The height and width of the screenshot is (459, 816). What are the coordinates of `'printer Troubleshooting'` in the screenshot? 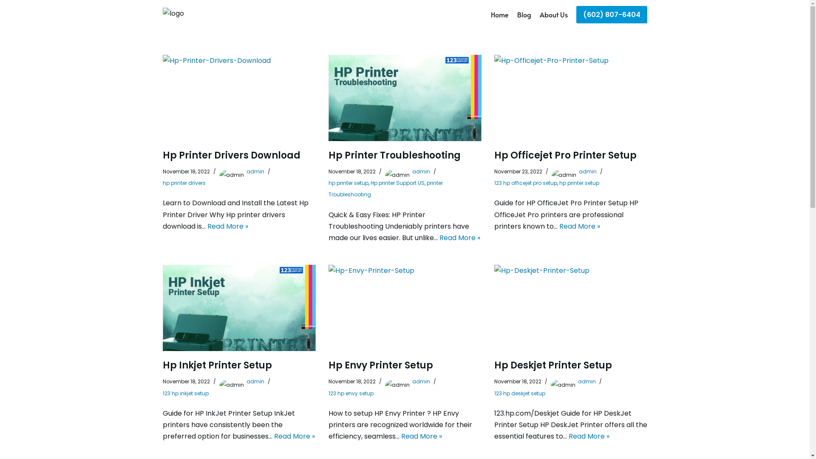 It's located at (385, 188).